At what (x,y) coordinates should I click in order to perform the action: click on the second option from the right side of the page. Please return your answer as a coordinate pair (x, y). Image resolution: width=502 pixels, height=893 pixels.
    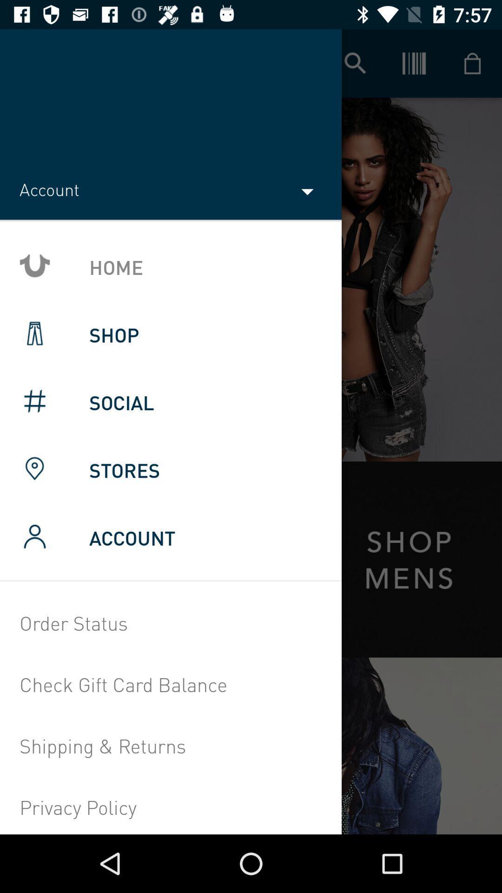
    Looking at the image, I should click on (414, 63).